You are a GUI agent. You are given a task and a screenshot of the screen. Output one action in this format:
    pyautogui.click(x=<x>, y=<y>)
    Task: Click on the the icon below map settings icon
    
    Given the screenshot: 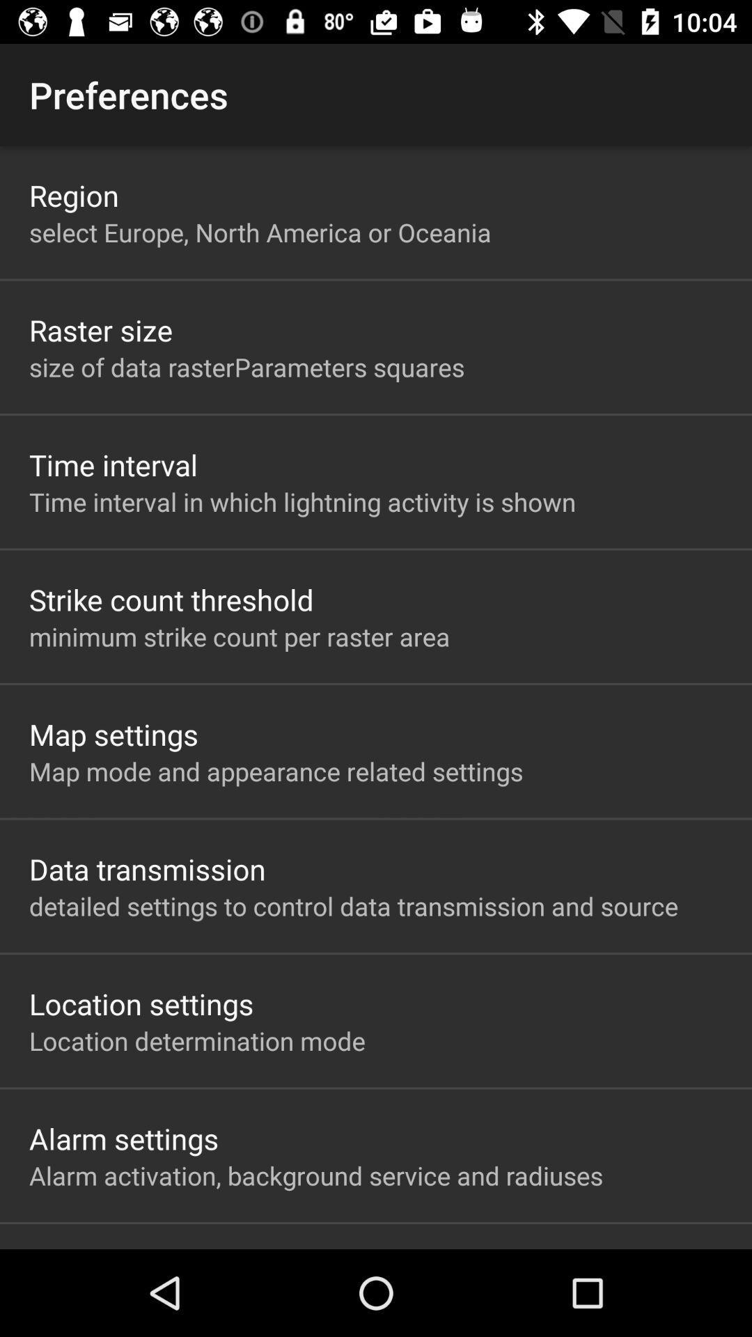 What is the action you would take?
    pyautogui.click(x=276, y=770)
    